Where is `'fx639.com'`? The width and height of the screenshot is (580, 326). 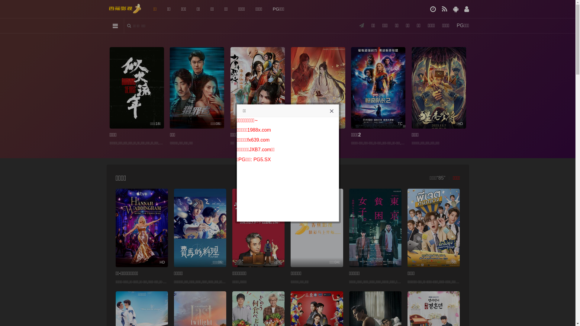
'fx639.com' is located at coordinates (258, 140).